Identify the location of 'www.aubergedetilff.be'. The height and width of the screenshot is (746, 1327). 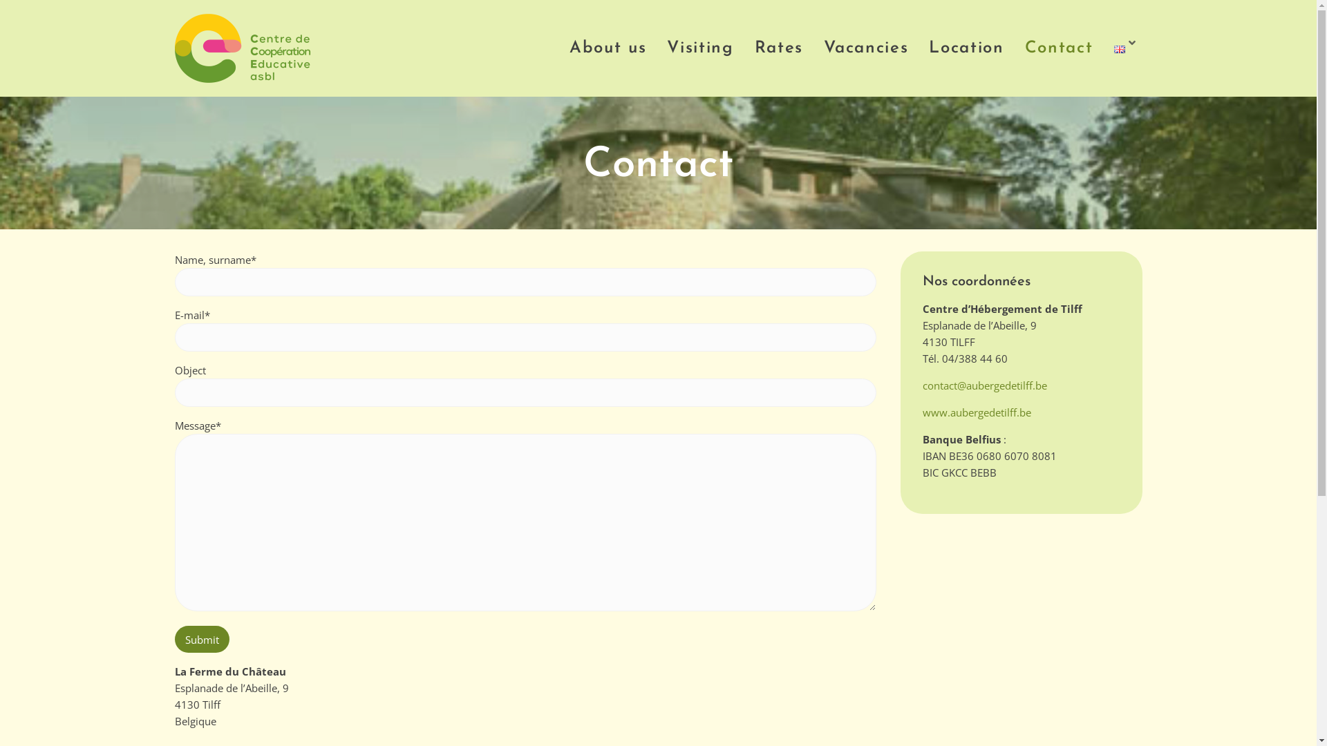
(975, 412).